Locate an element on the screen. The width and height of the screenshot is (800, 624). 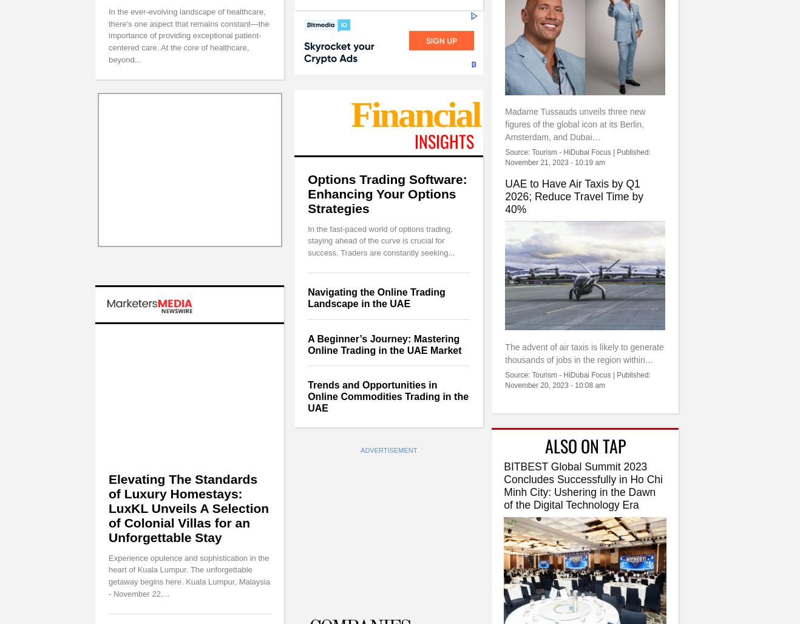
'UAE to Have Air Taxis by Q1 2026; Reduce Travel Time by 40%' is located at coordinates (573, 195).